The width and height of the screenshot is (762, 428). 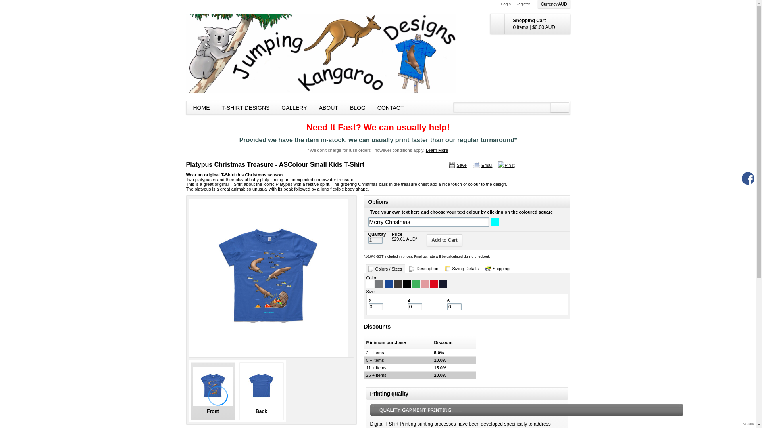 I want to click on 'Email', so click(x=482, y=164).